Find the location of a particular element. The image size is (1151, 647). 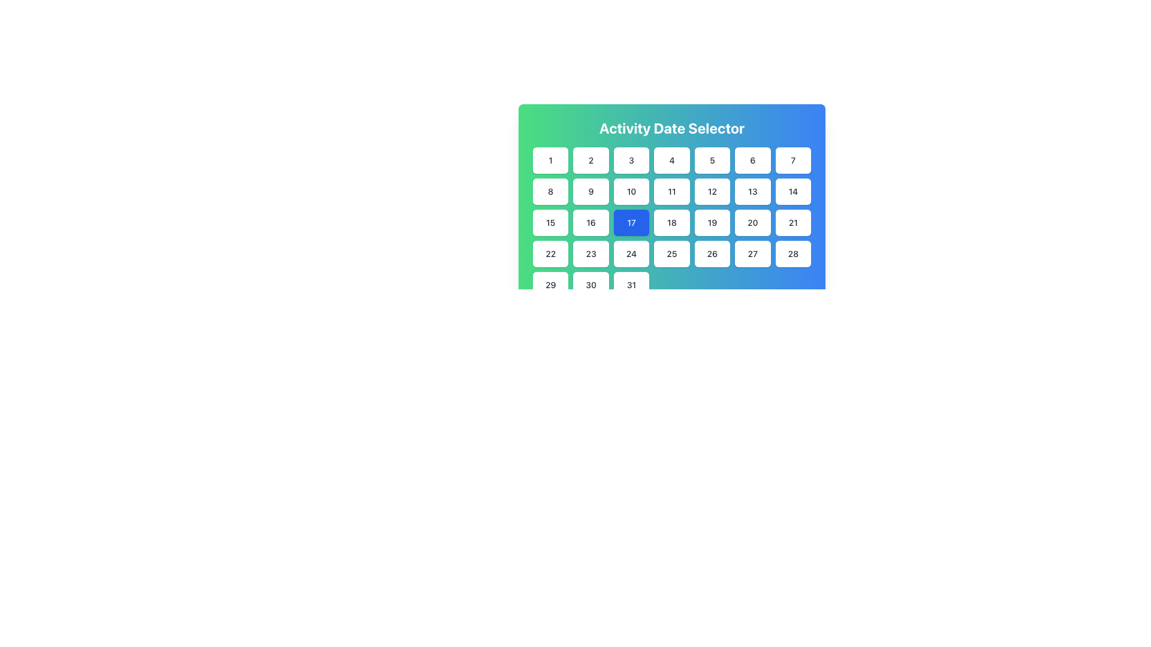

the date selector button for the 28th day in the calendar interface is located at coordinates (793, 253).